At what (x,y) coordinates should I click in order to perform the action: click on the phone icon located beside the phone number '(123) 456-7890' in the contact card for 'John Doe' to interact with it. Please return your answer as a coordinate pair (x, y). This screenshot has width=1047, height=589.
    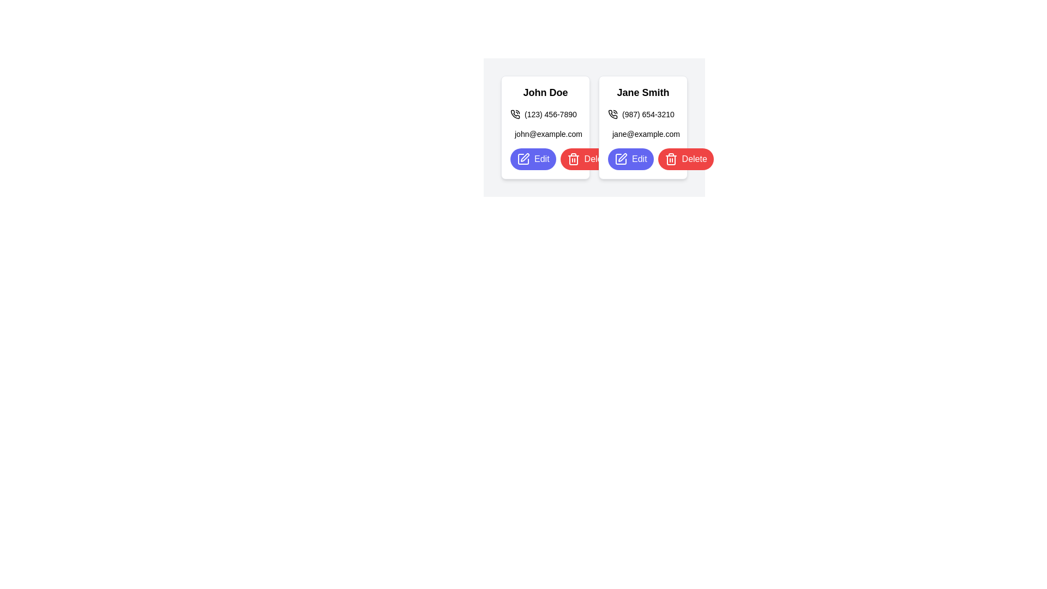
    Looking at the image, I should click on (515, 113).